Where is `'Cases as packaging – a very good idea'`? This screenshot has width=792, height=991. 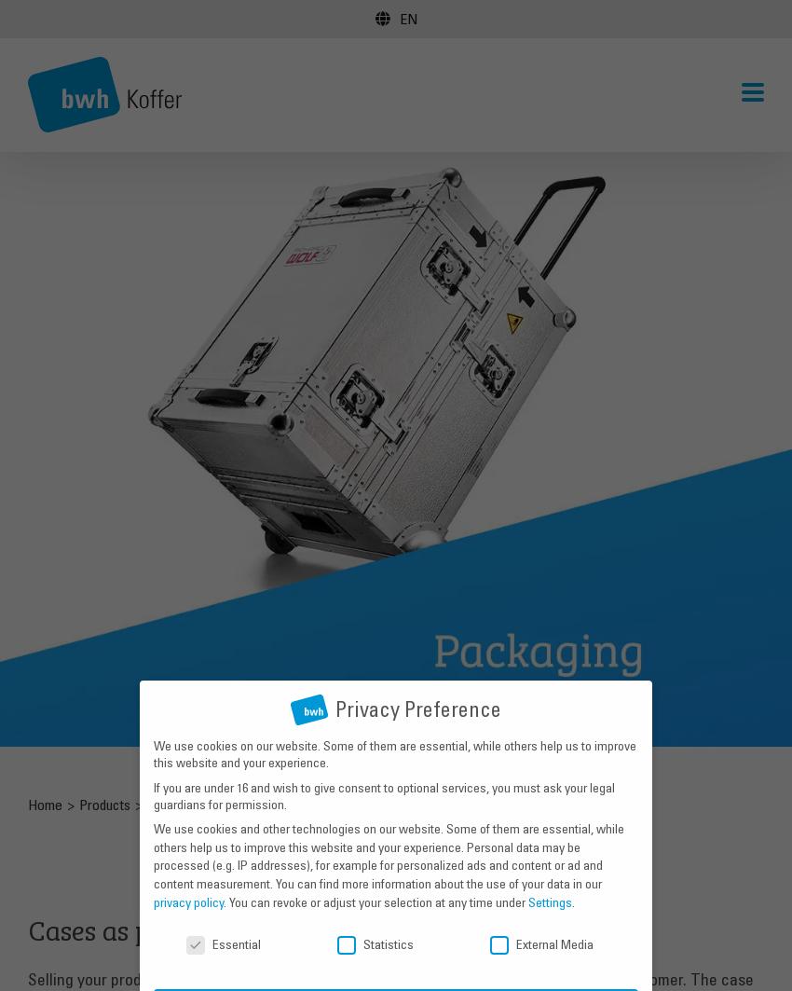
'Cases as packaging – a very good idea' is located at coordinates (25, 926).